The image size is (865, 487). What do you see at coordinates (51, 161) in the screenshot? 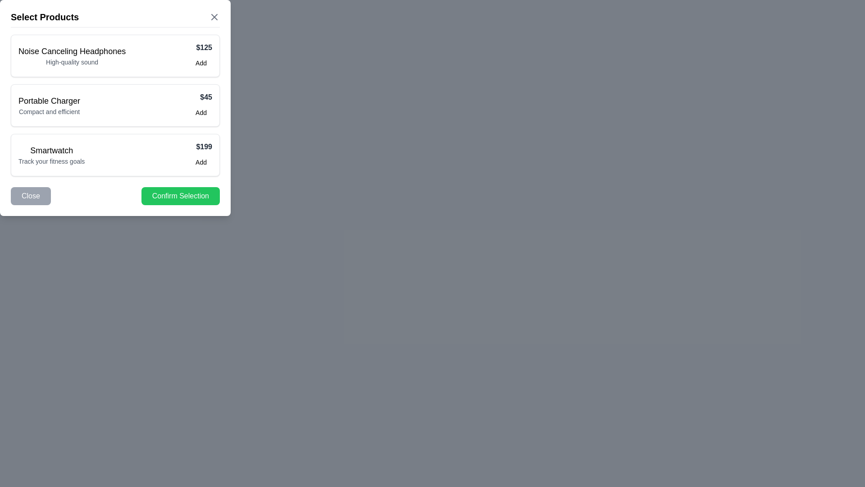
I see `the text element displaying 'Track your fitness goals', which is located directly beneath the heading 'Smartwatch' in a compact gray font` at bounding box center [51, 161].